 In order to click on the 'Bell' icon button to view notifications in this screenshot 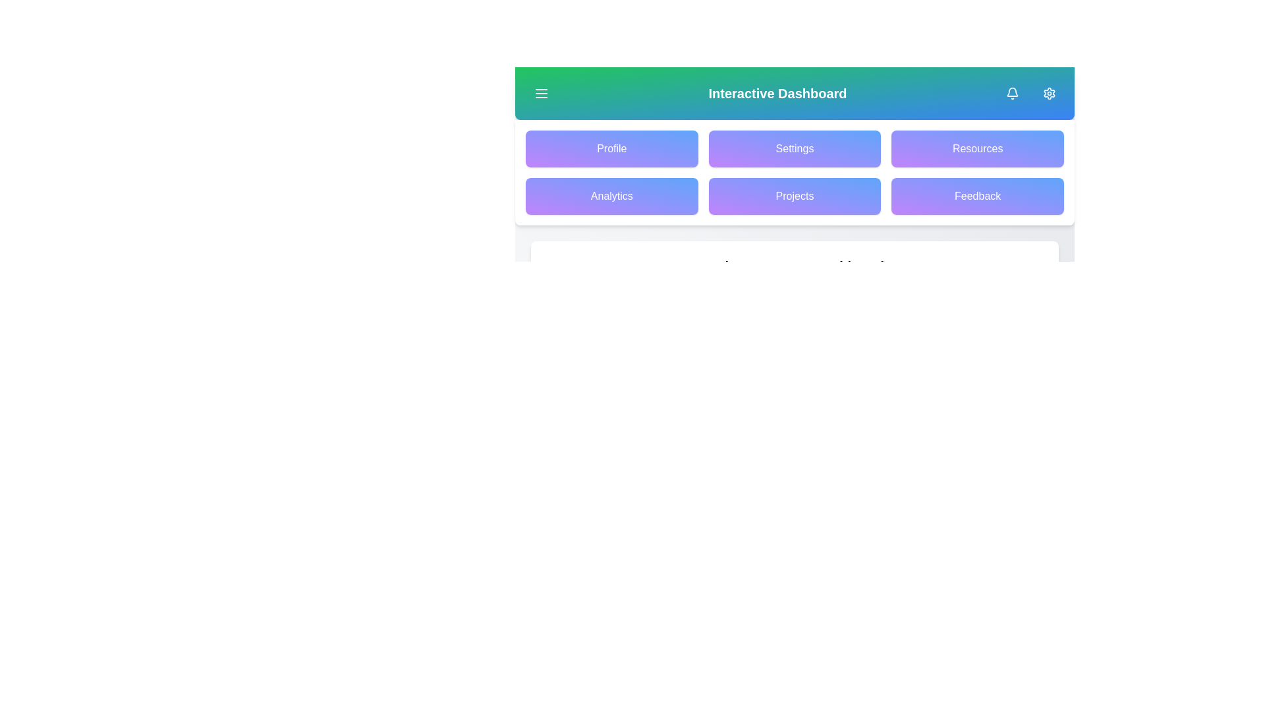, I will do `click(1011, 93)`.